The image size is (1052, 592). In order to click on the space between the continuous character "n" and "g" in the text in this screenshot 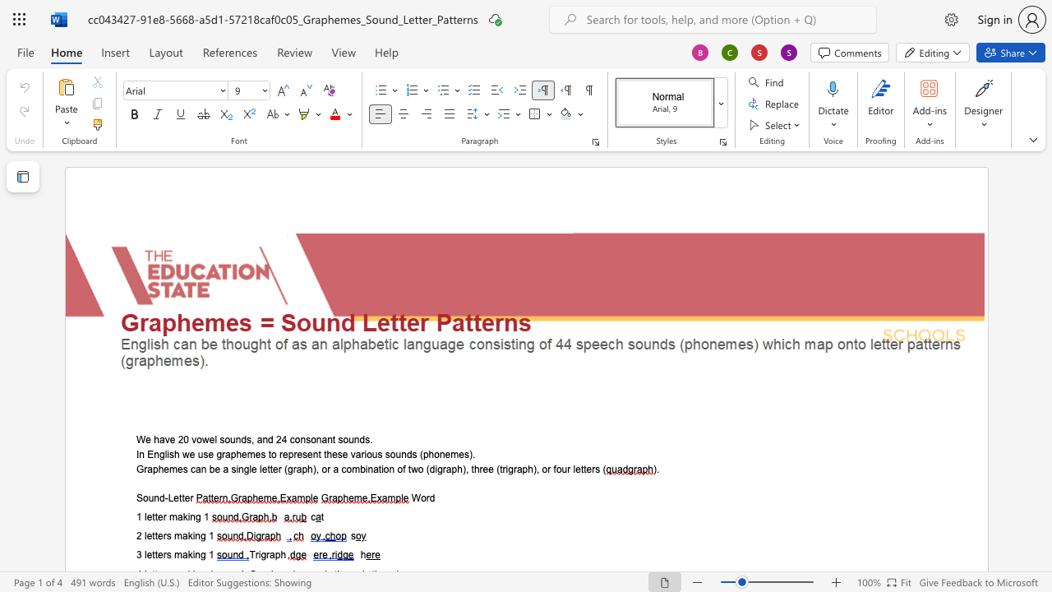, I will do `click(199, 555)`.